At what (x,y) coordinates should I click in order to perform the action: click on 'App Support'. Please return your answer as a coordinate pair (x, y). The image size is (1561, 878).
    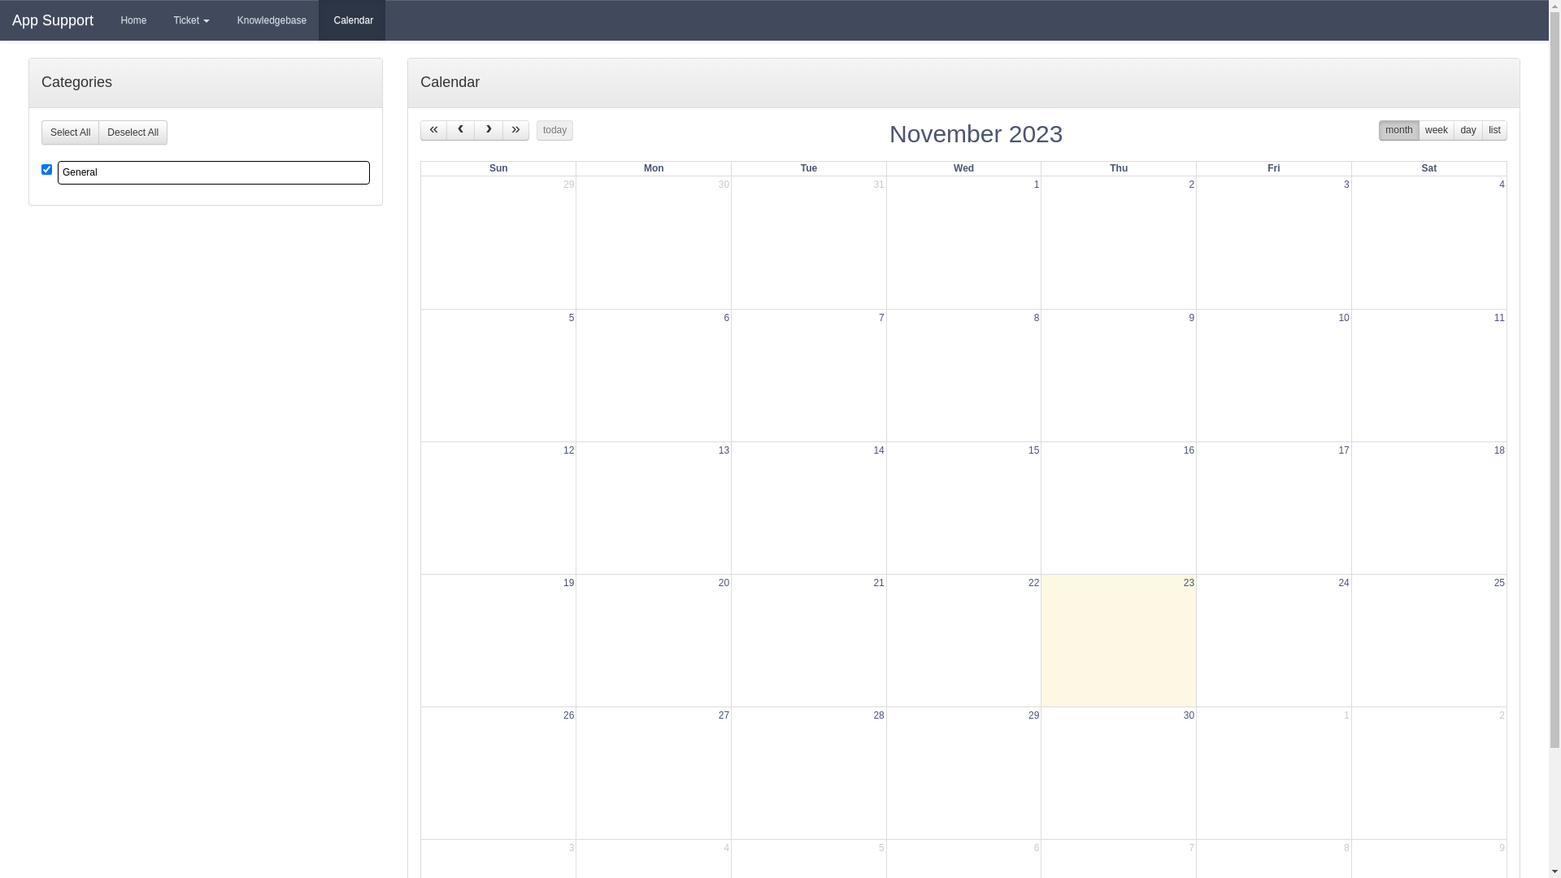
    Looking at the image, I should click on (53, 20).